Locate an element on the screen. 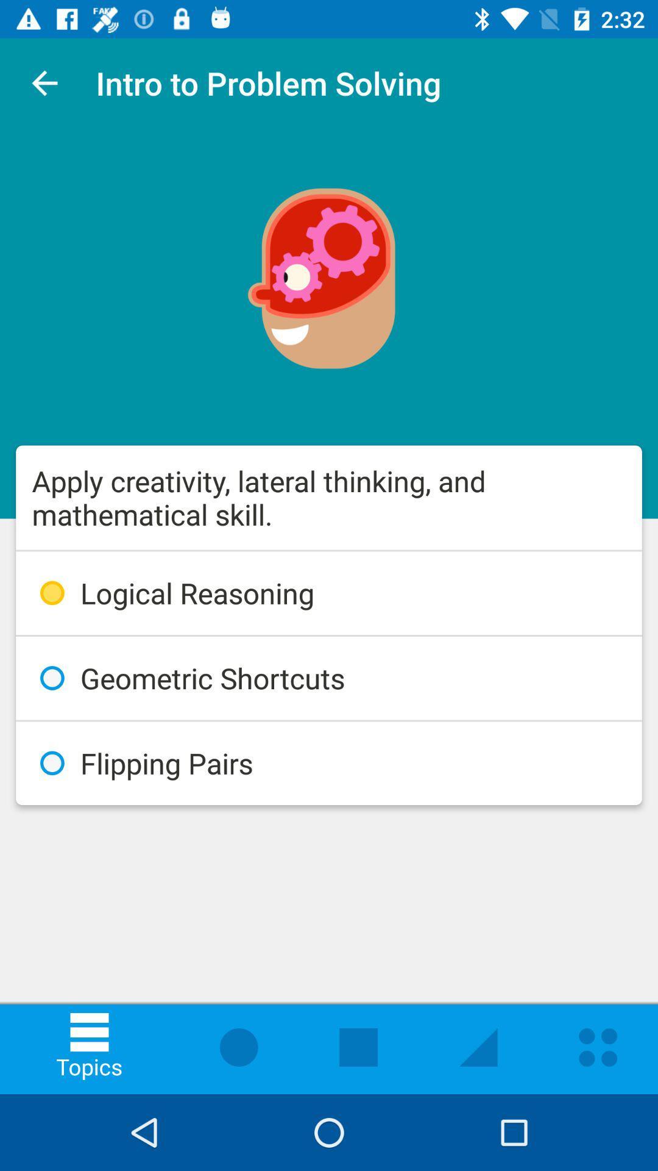 This screenshot has height=1171, width=658. icon above apply creativity lateral icon is located at coordinates (44, 82).